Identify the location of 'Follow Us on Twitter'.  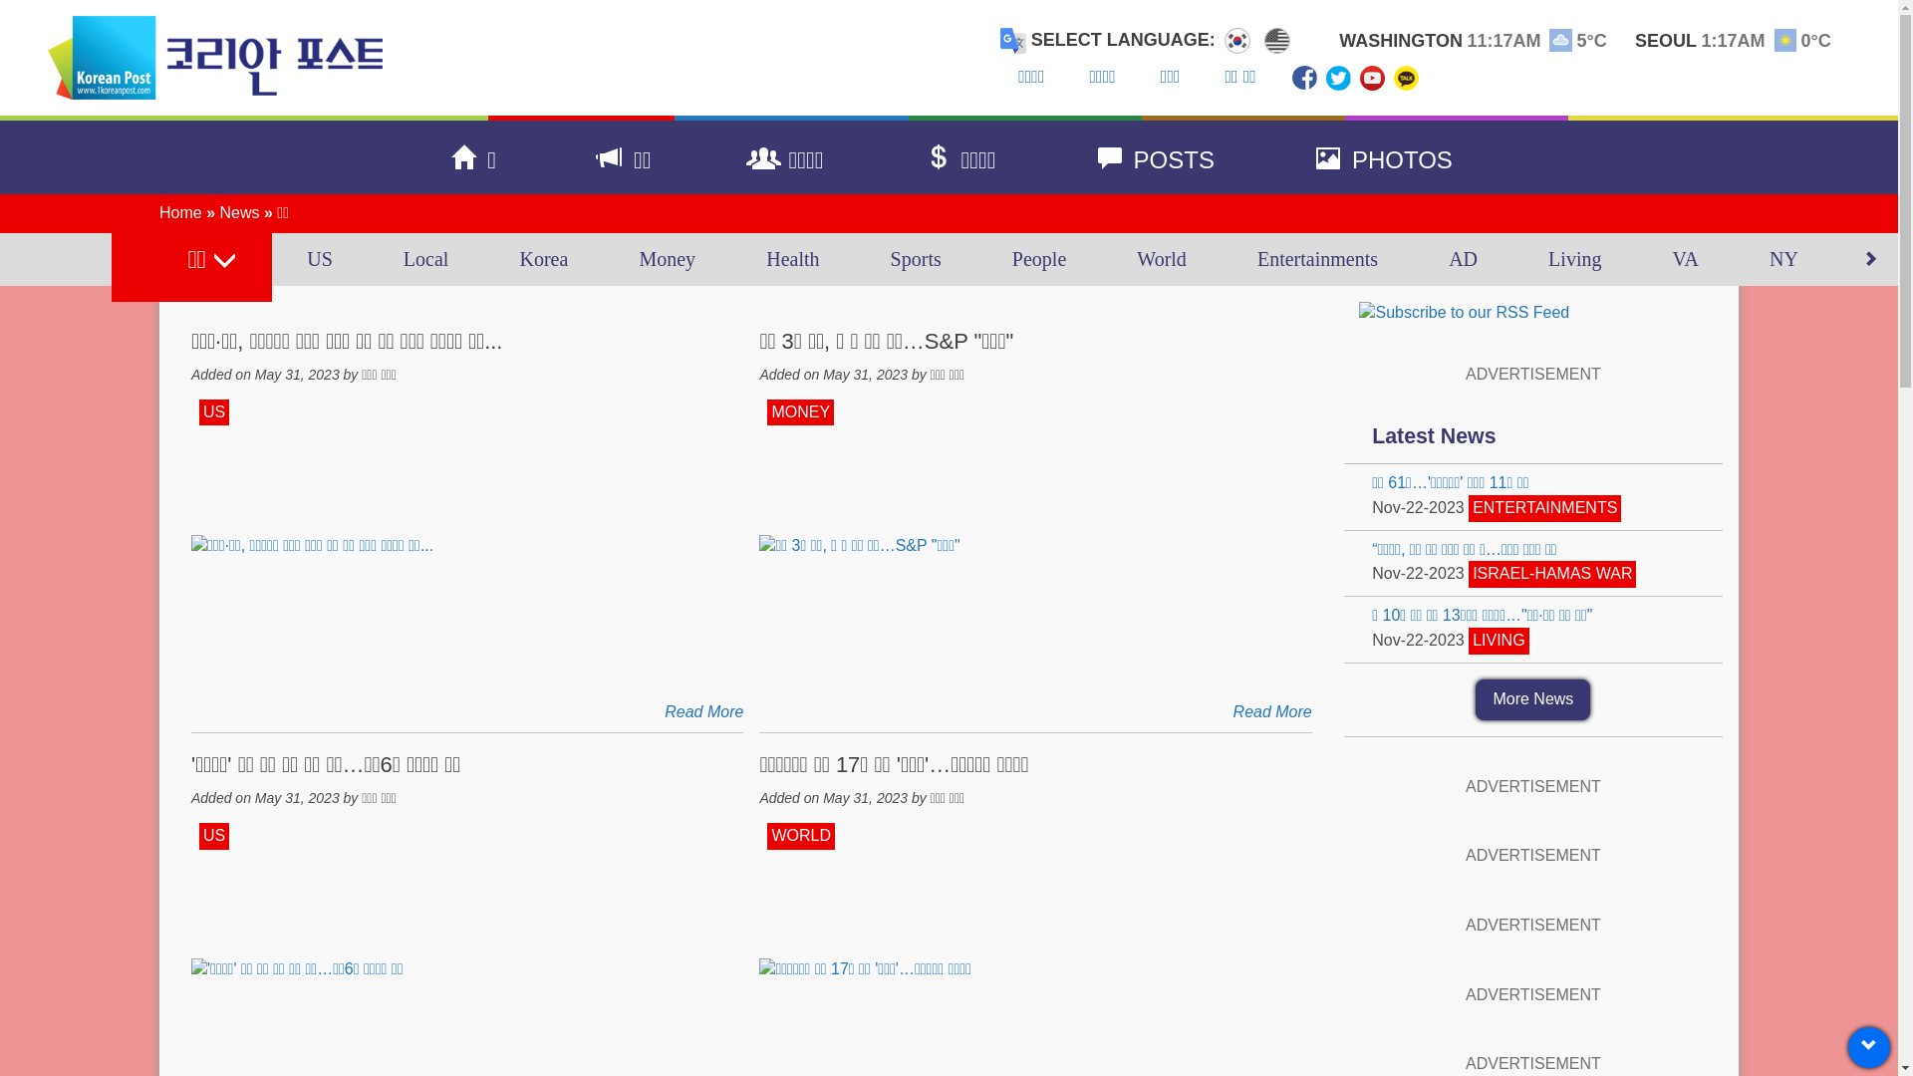
(1338, 77).